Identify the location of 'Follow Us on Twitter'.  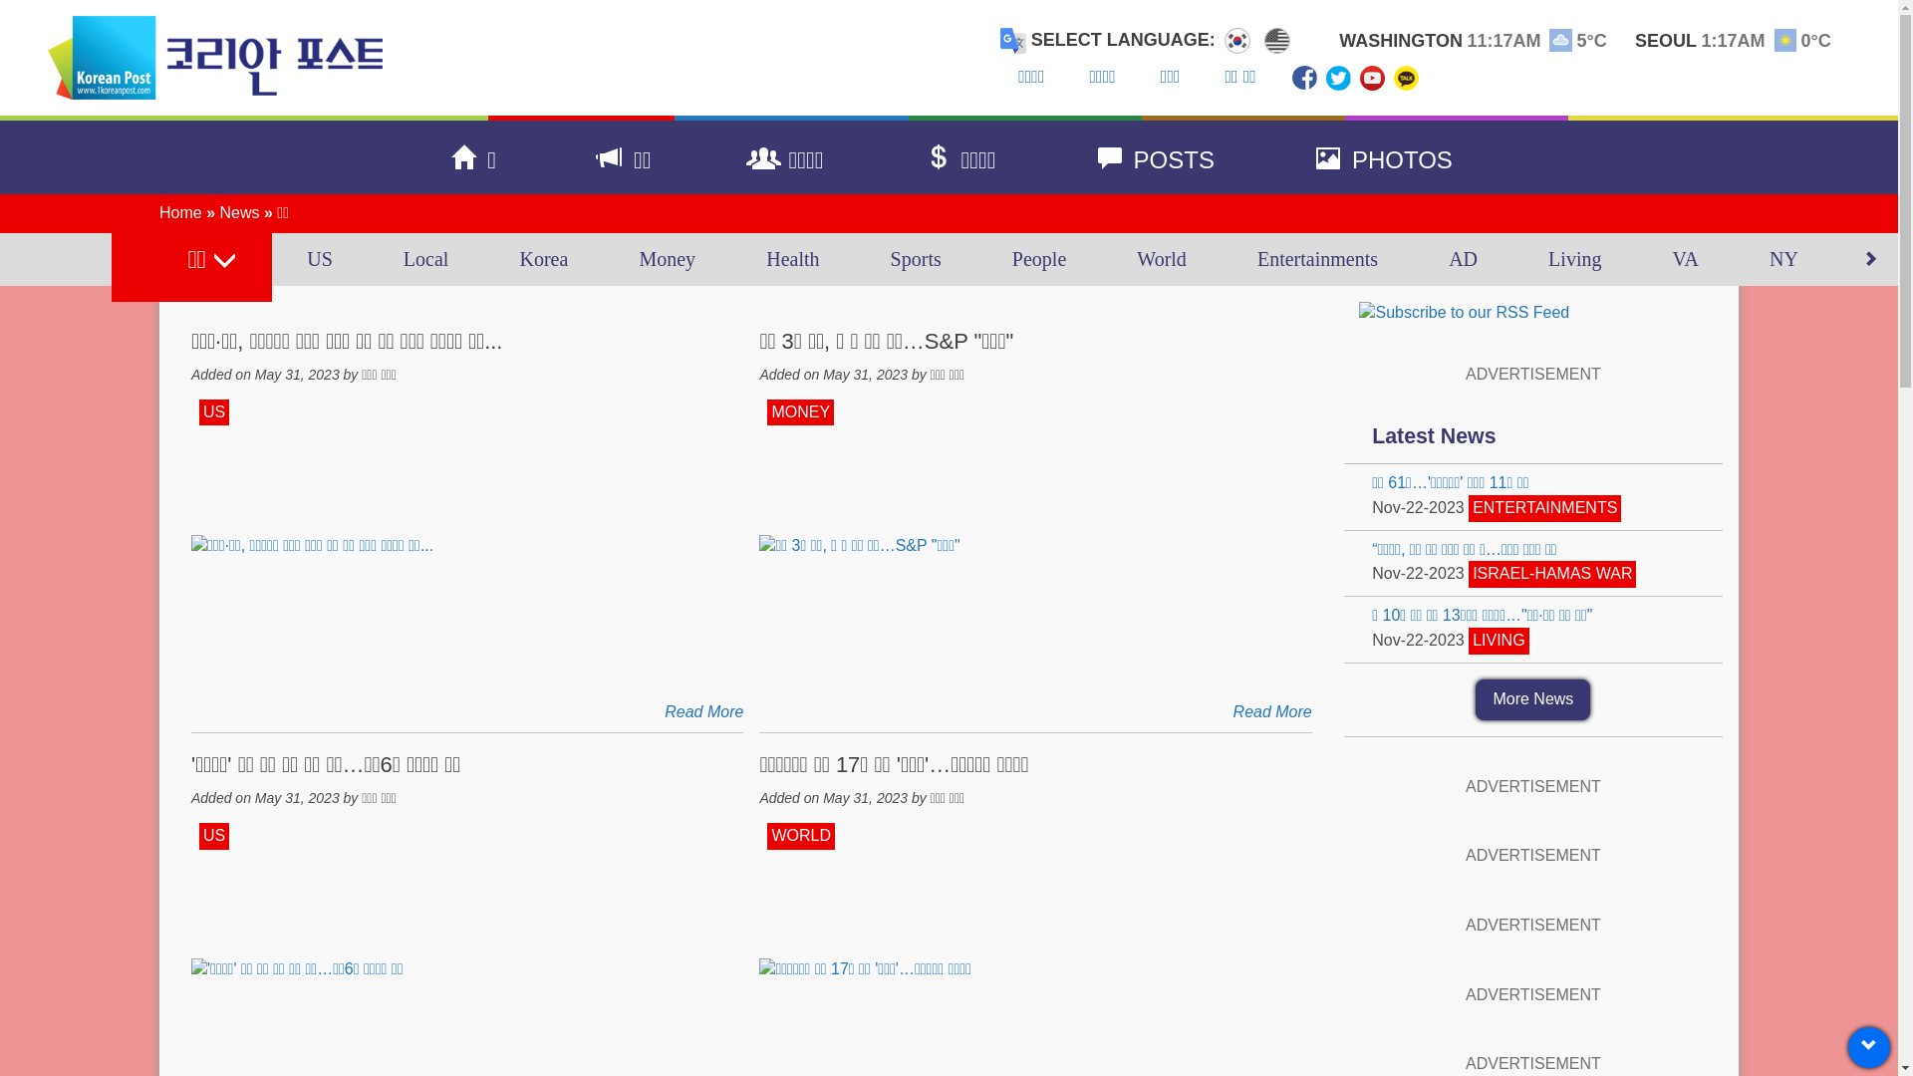
(1338, 77).